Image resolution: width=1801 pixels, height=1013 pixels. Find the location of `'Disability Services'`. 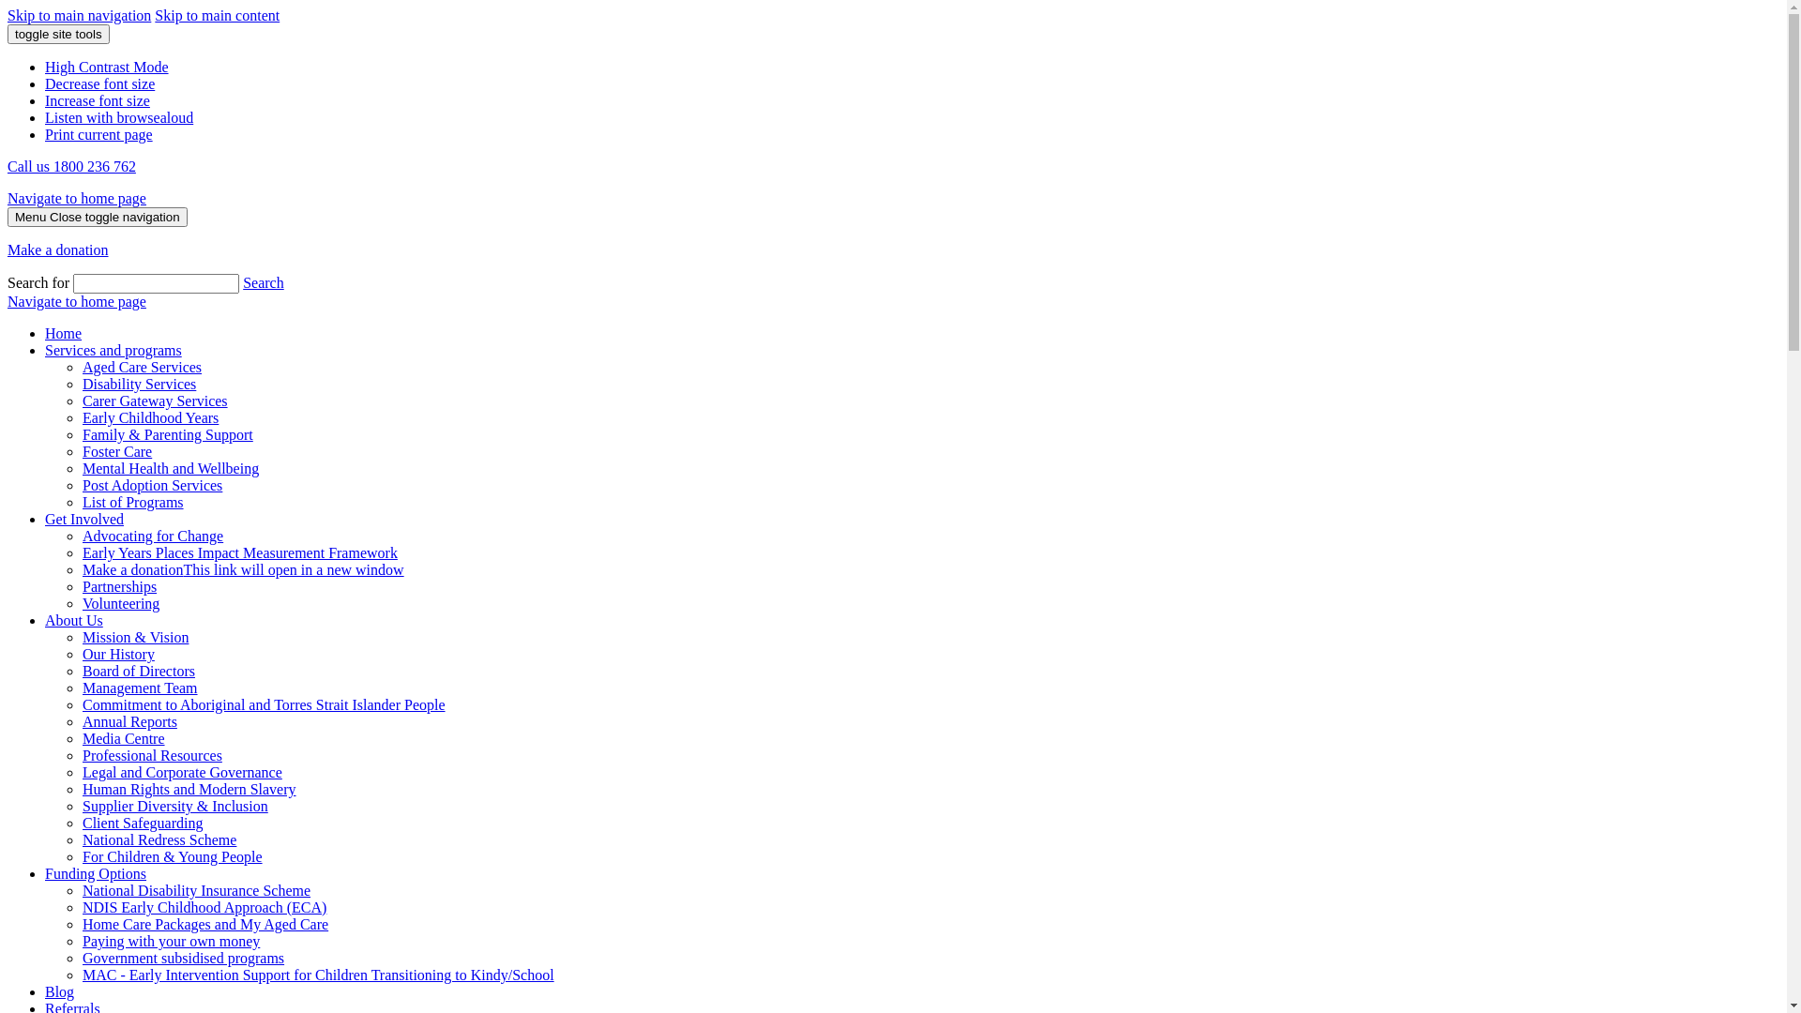

'Disability Services' is located at coordinates (138, 383).